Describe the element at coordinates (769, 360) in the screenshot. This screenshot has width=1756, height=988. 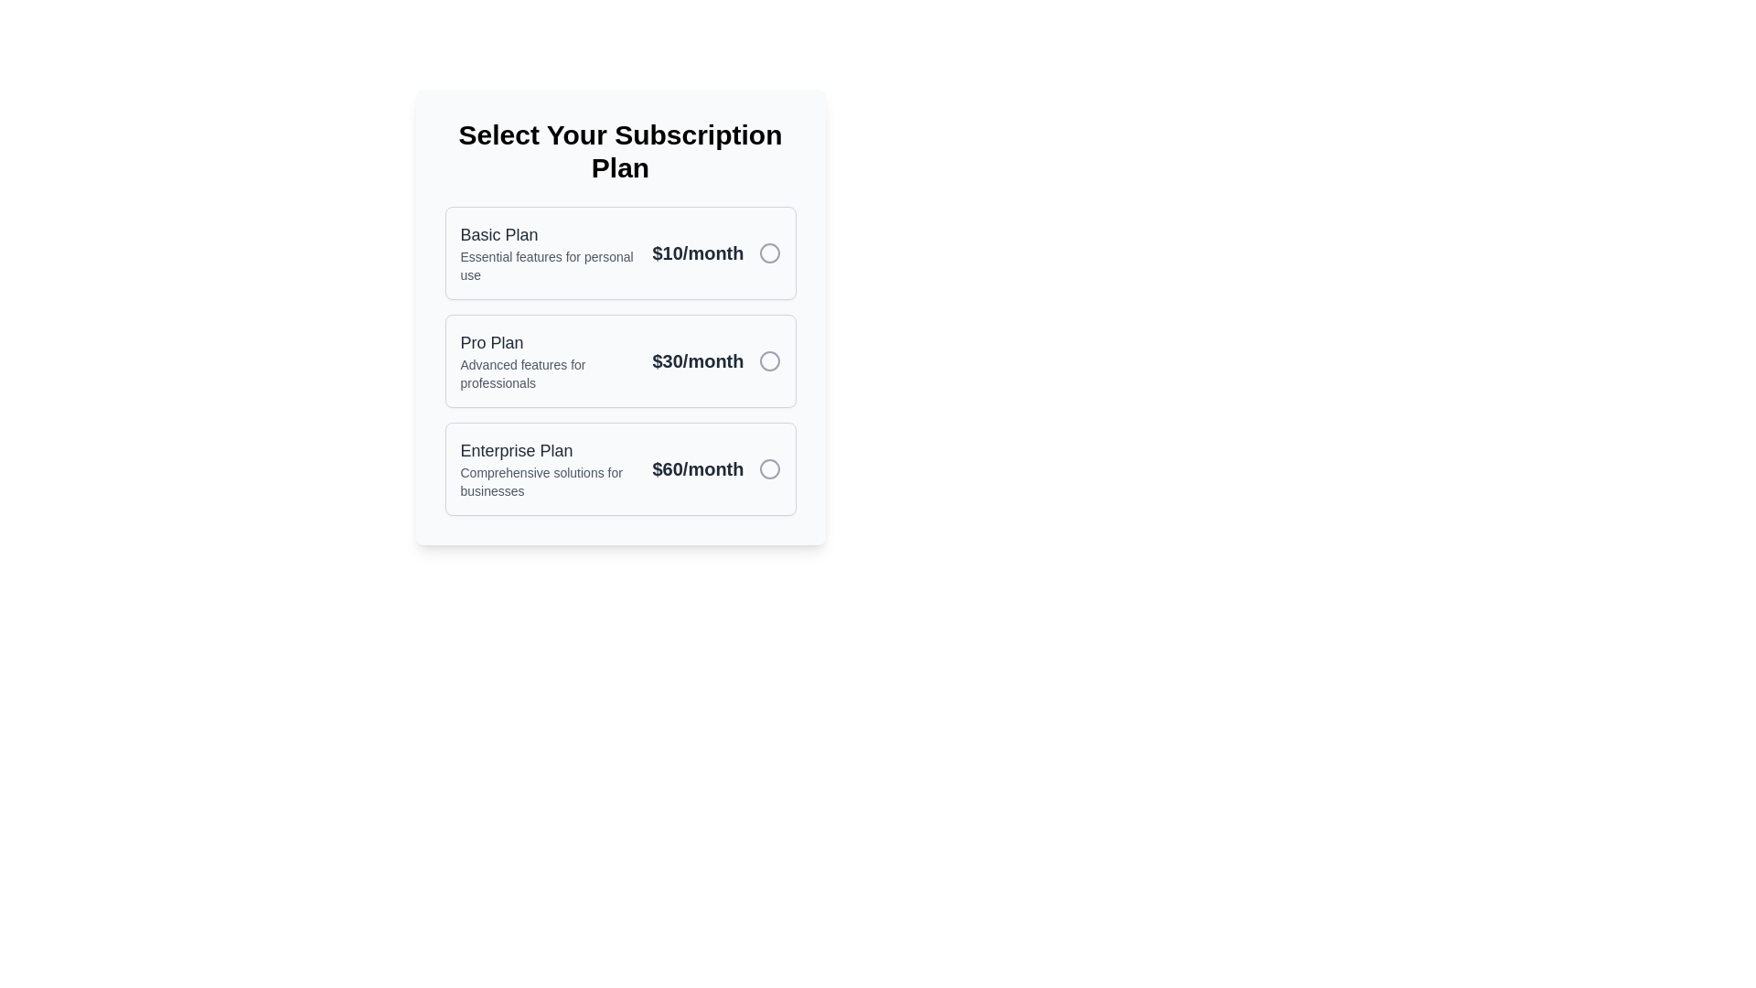
I see `the circular radio button with a gray outline located to the right of the 'Pro Plan' subscription option` at that location.